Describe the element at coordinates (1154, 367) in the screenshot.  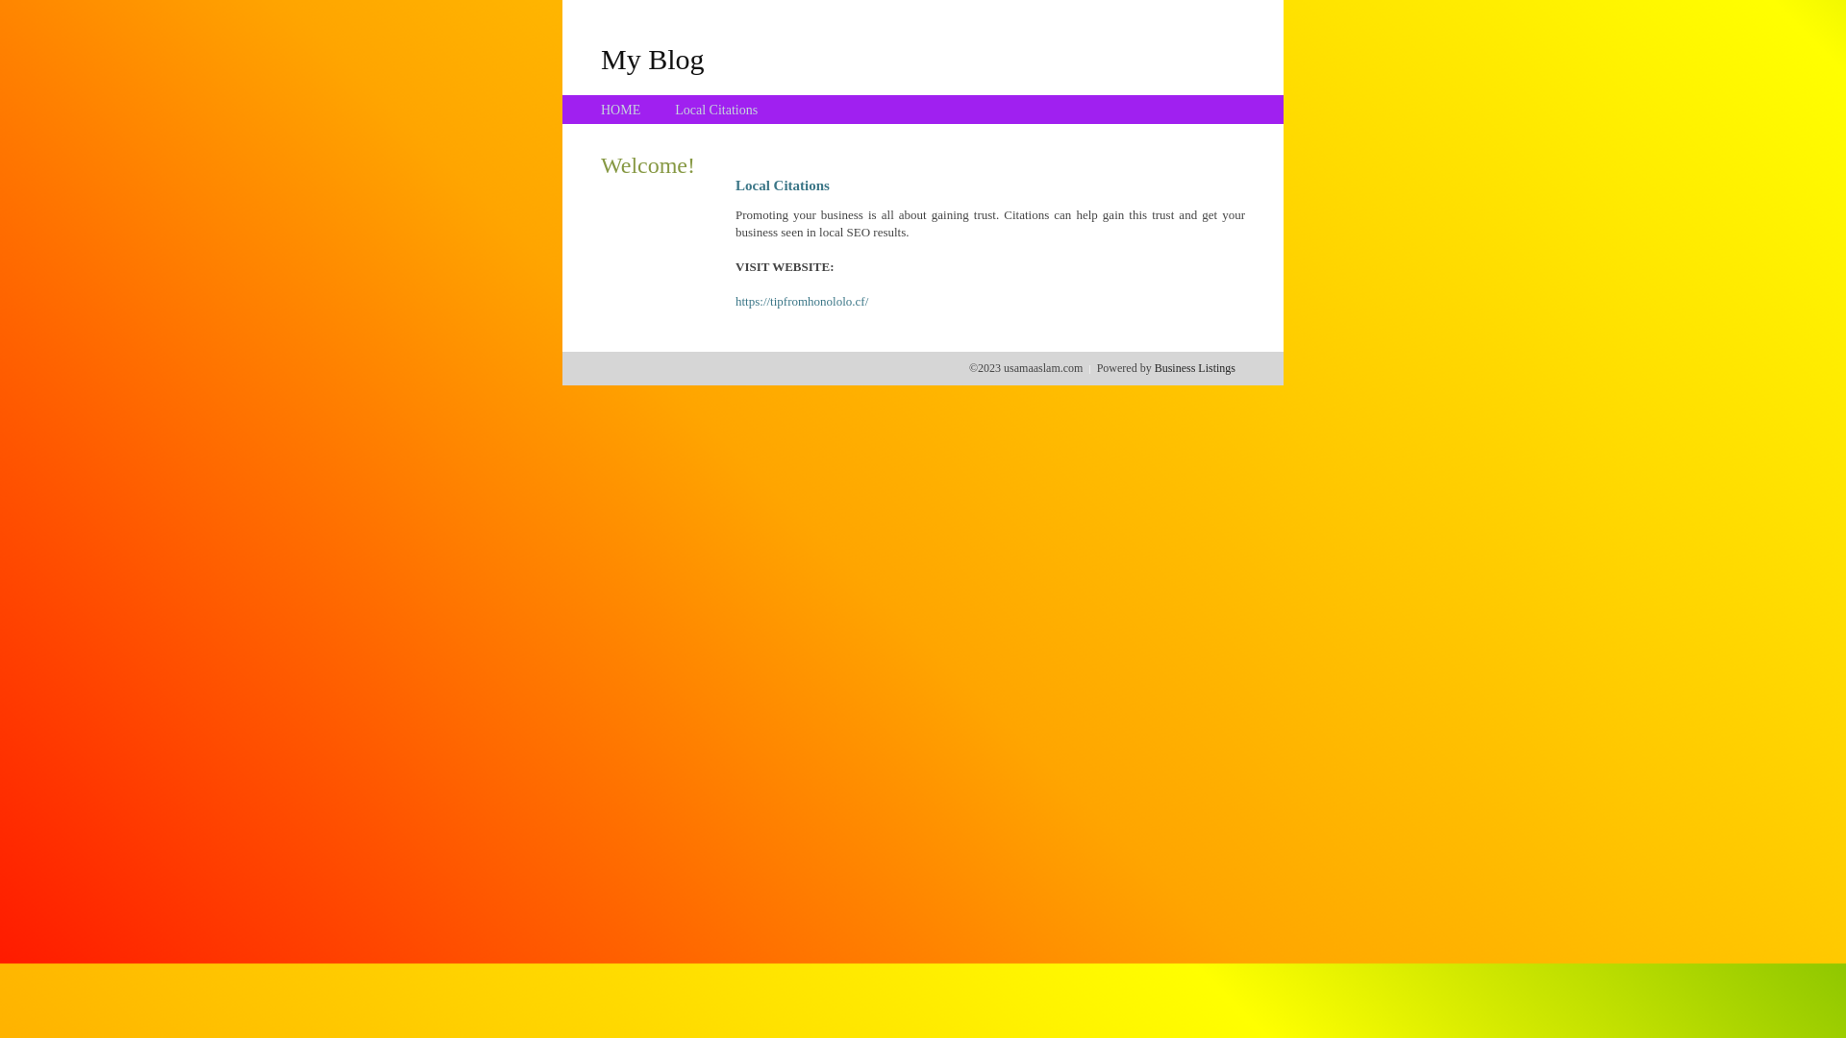
I see `'Business Listings'` at that location.